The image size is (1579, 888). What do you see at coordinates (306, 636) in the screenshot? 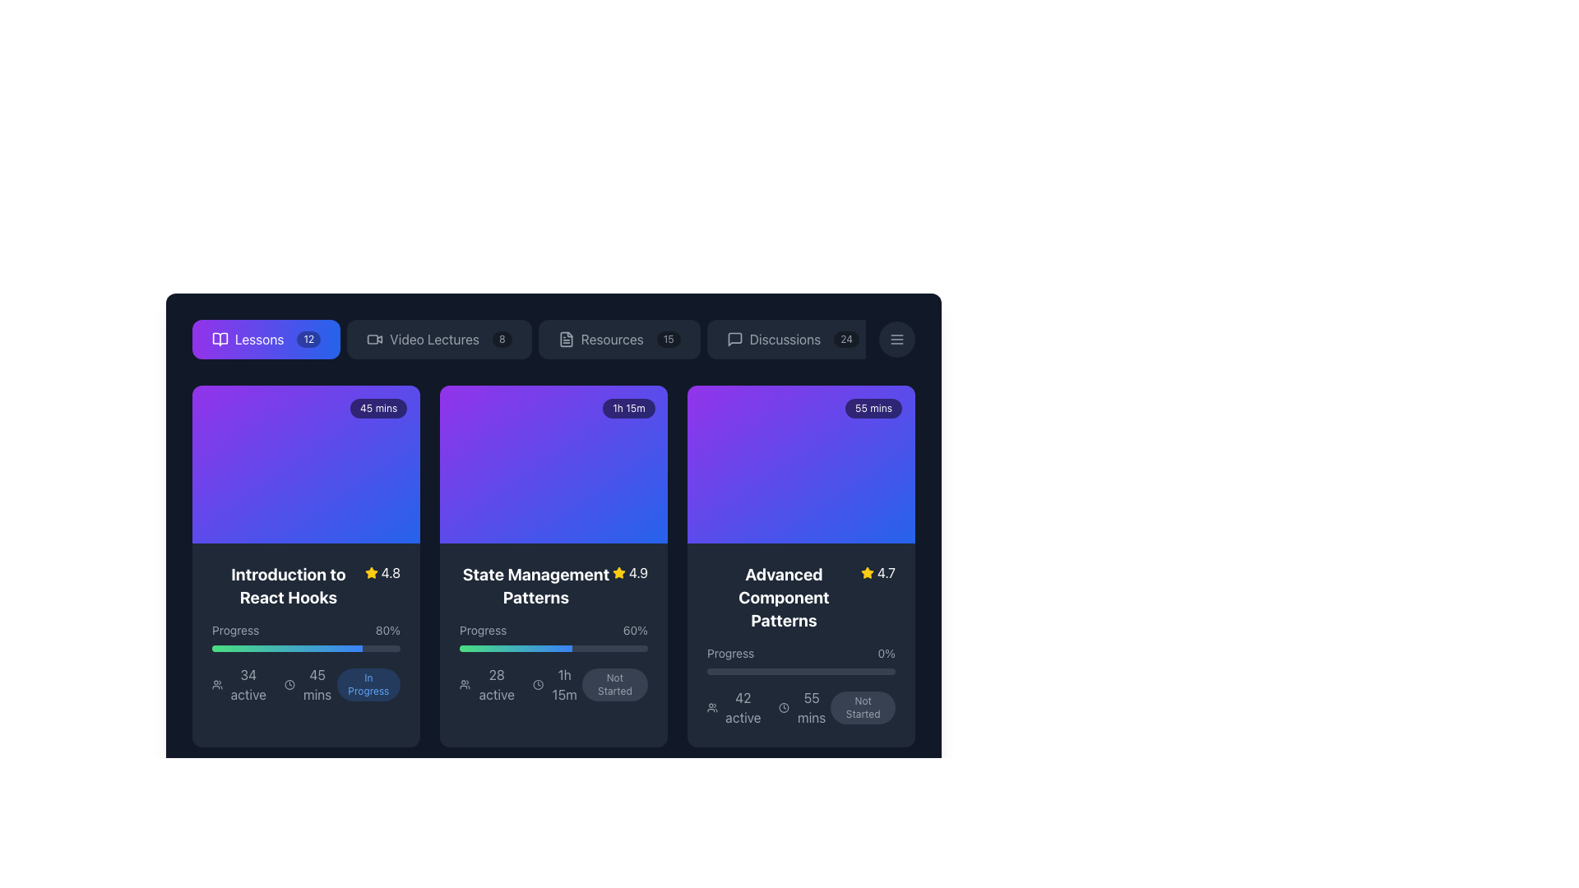
I see `the progress area of the Progress Bar located in the 'Introduction to React Hooks' section, which visually represents the task completion level` at bounding box center [306, 636].